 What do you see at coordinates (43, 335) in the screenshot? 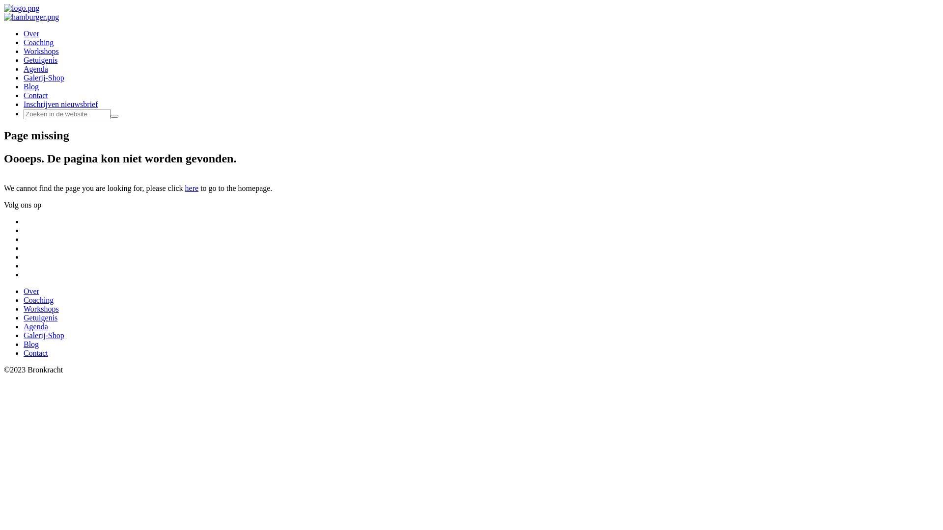
I see `'Galerij-Shop'` at bounding box center [43, 335].